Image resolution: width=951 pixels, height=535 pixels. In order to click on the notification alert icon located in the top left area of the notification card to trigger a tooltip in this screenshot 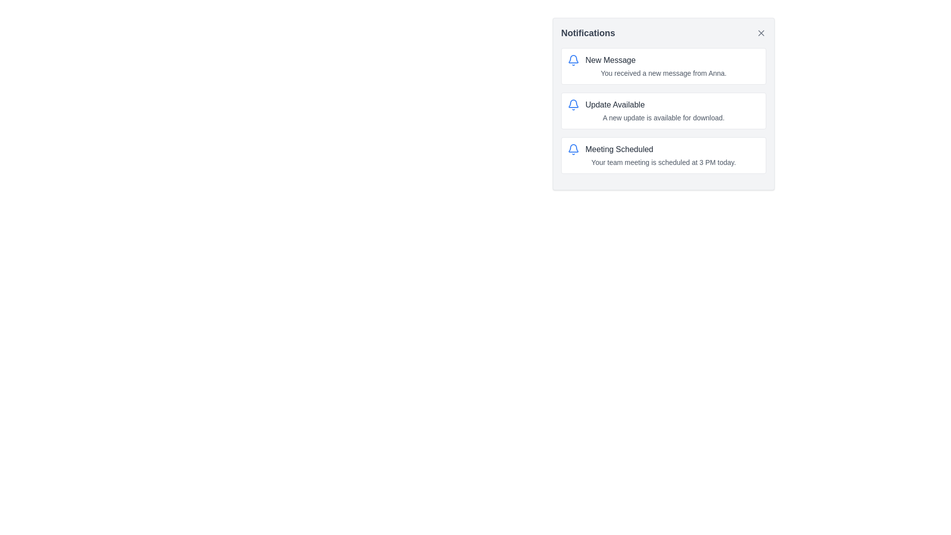, I will do `click(573, 149)`.